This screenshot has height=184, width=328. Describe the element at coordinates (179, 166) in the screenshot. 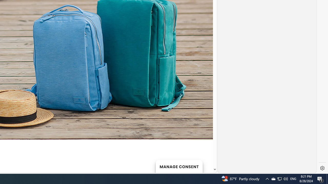

I see `'MANAGE CONSENT'` at that location.